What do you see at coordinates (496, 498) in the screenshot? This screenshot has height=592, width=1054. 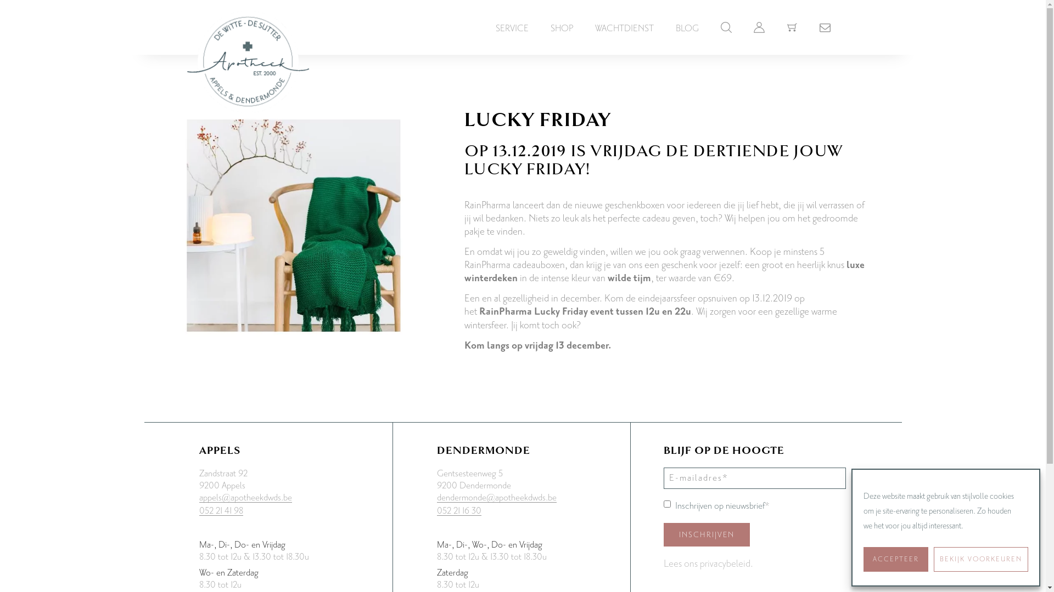 I see `'dendermonde@apotheekdwds.be'` at bounding box center [496, 498].